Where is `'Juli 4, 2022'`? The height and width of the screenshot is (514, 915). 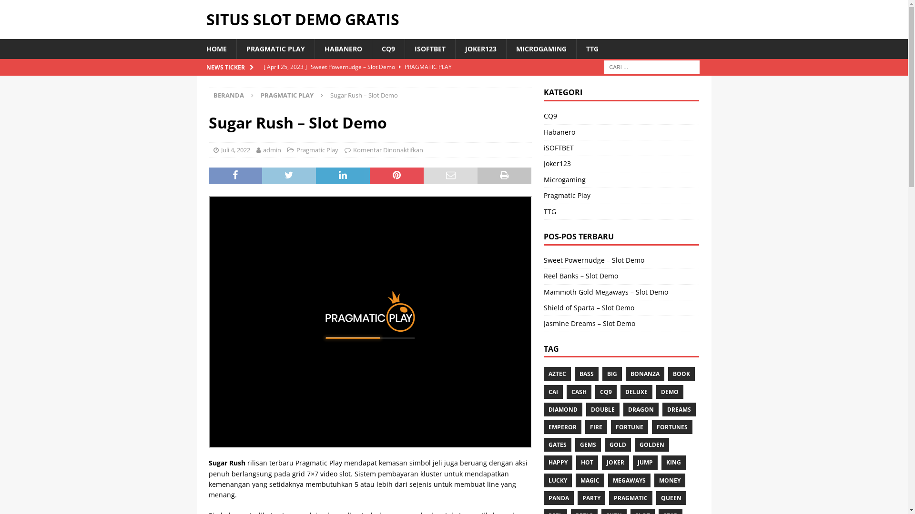
'Juli 4, 2022' is located at coordinates (235, 150).